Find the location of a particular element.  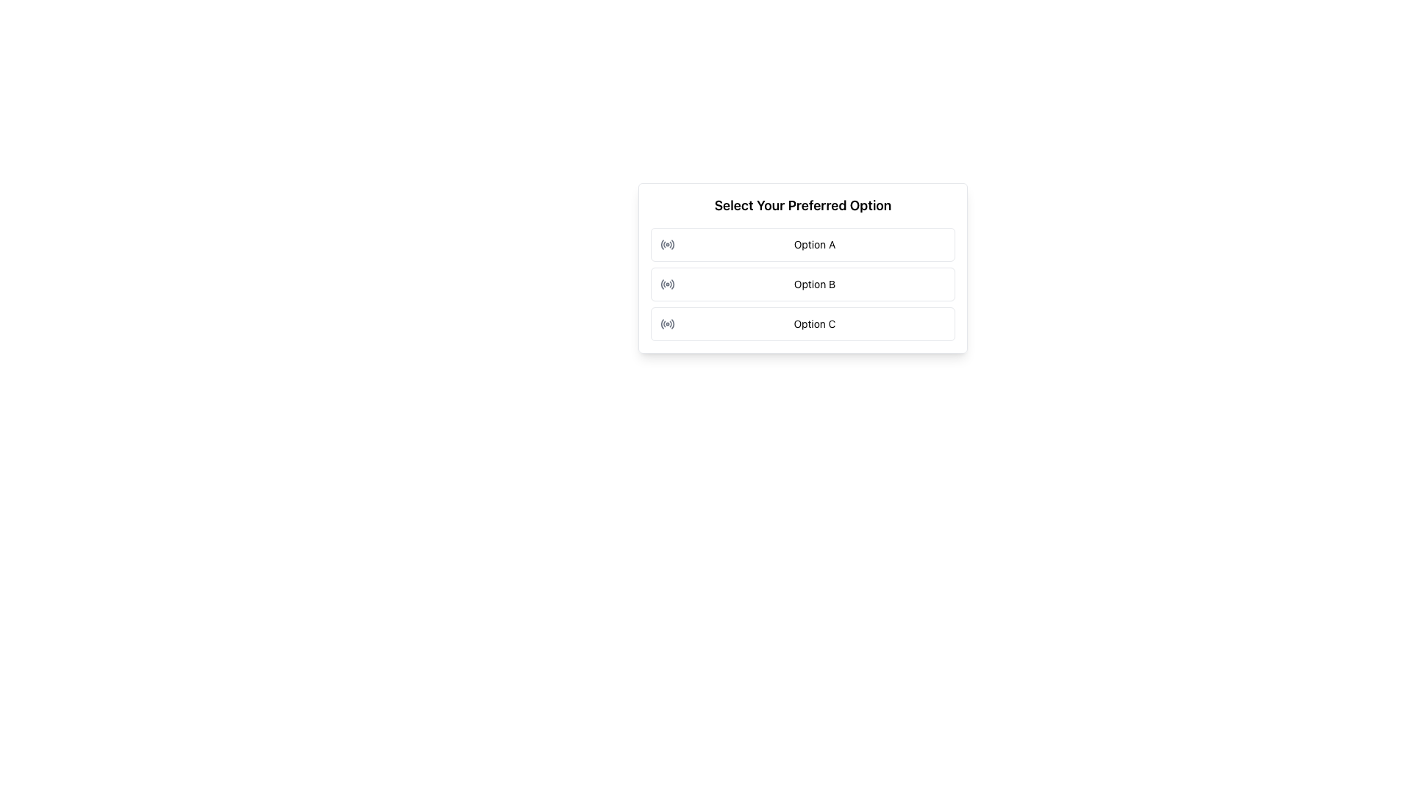

the radio button option group labeled 'Select Your Preferred Option' that contains 'Option A', 'Option B', and 'Option C' is located at coordinates (802, 284).